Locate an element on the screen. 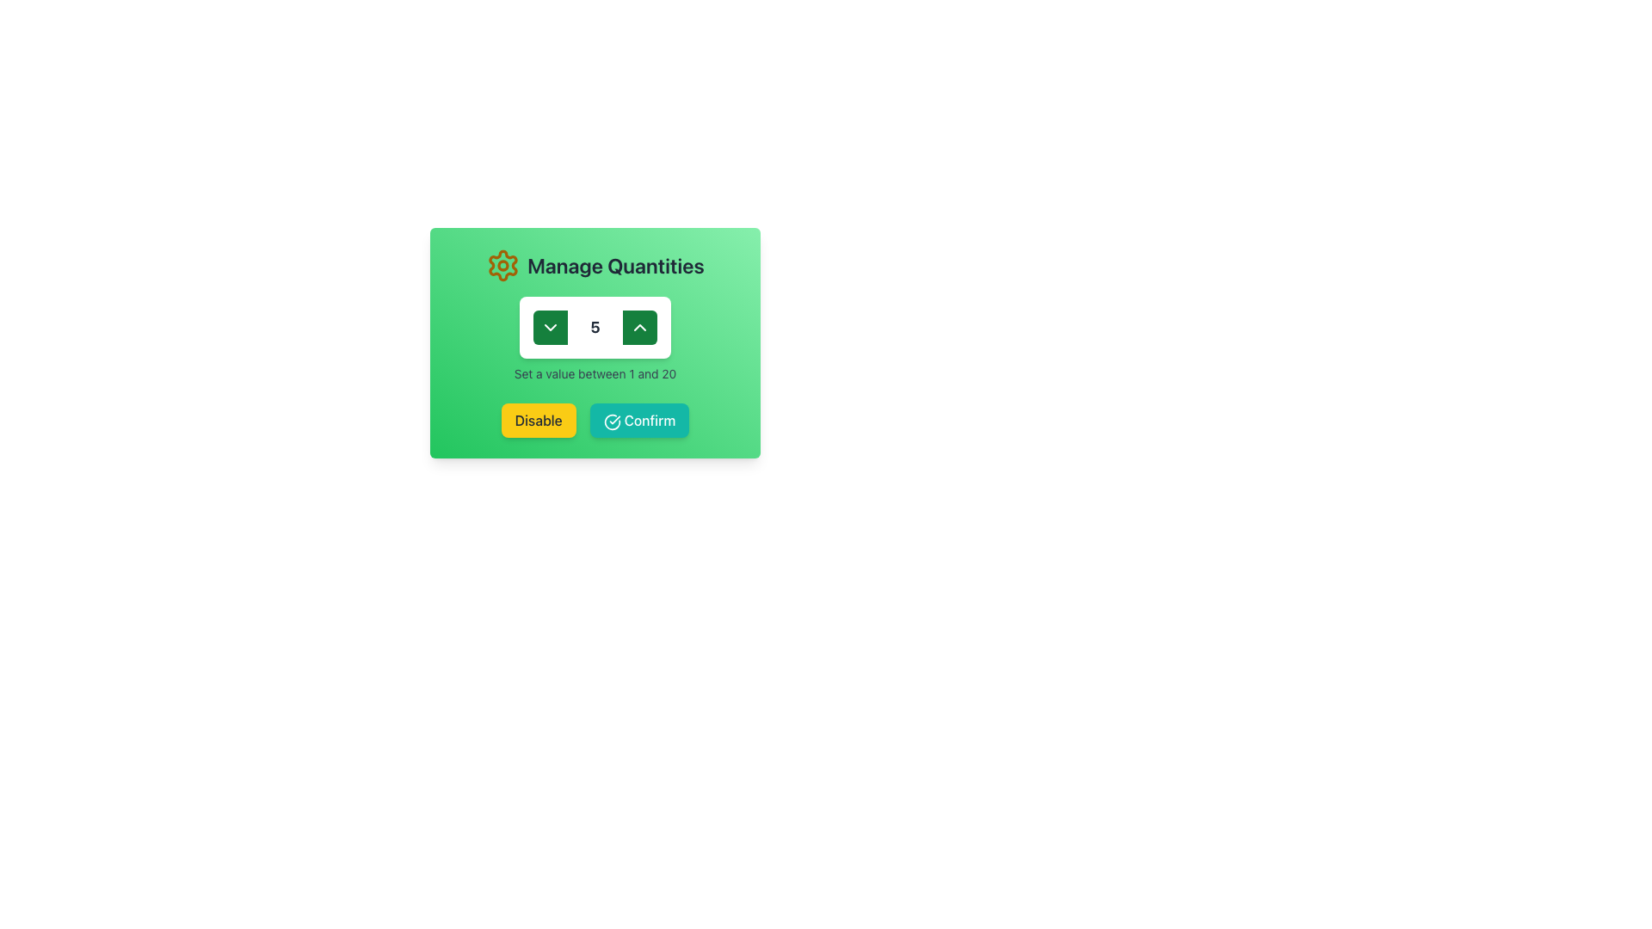 This screenshot has height=929, width=1652. the decrement button on the interactive modal to decrease the quantity value is located at coordinates (595, 342).